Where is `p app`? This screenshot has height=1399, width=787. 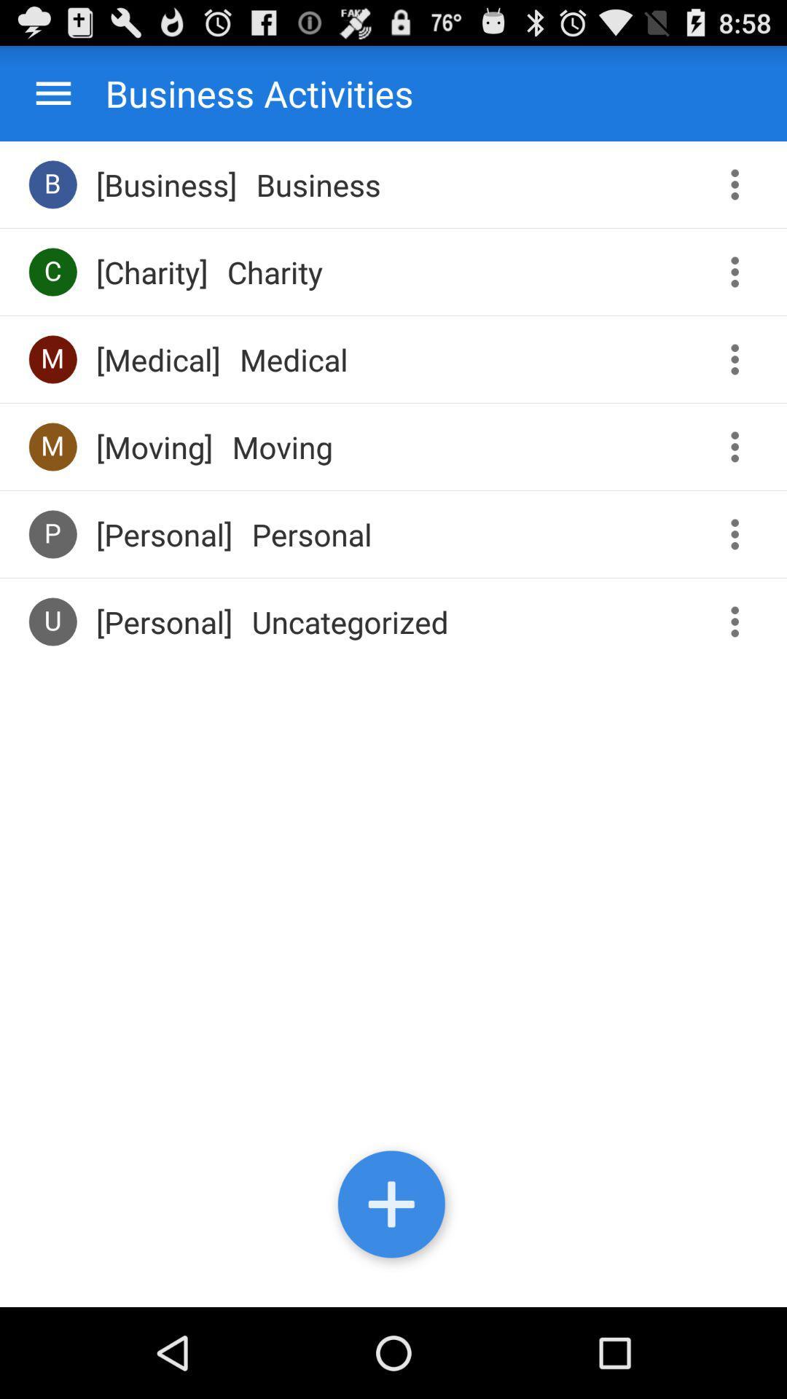 p app is located at coordinates (52, 533).